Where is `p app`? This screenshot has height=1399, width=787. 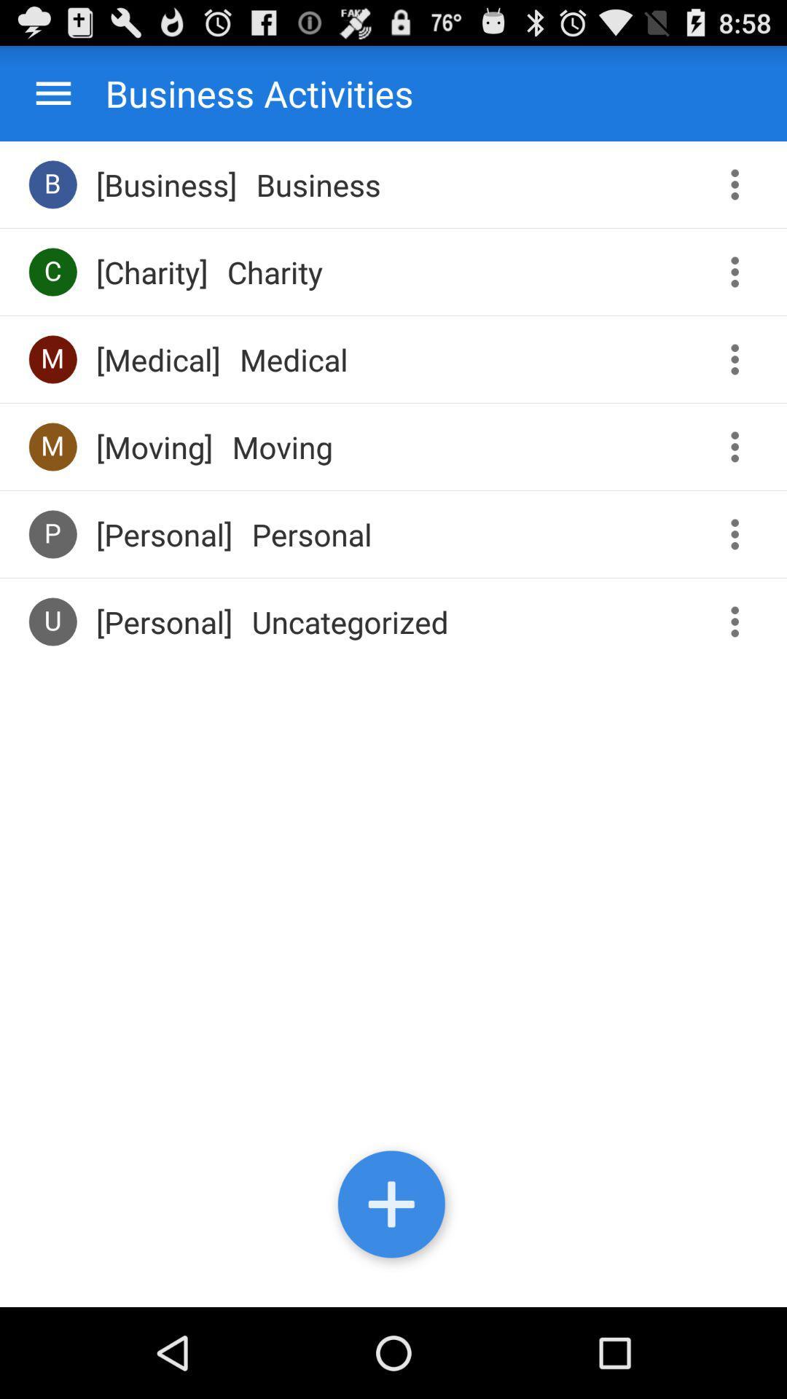 p app is located at coordinates (52, 533).